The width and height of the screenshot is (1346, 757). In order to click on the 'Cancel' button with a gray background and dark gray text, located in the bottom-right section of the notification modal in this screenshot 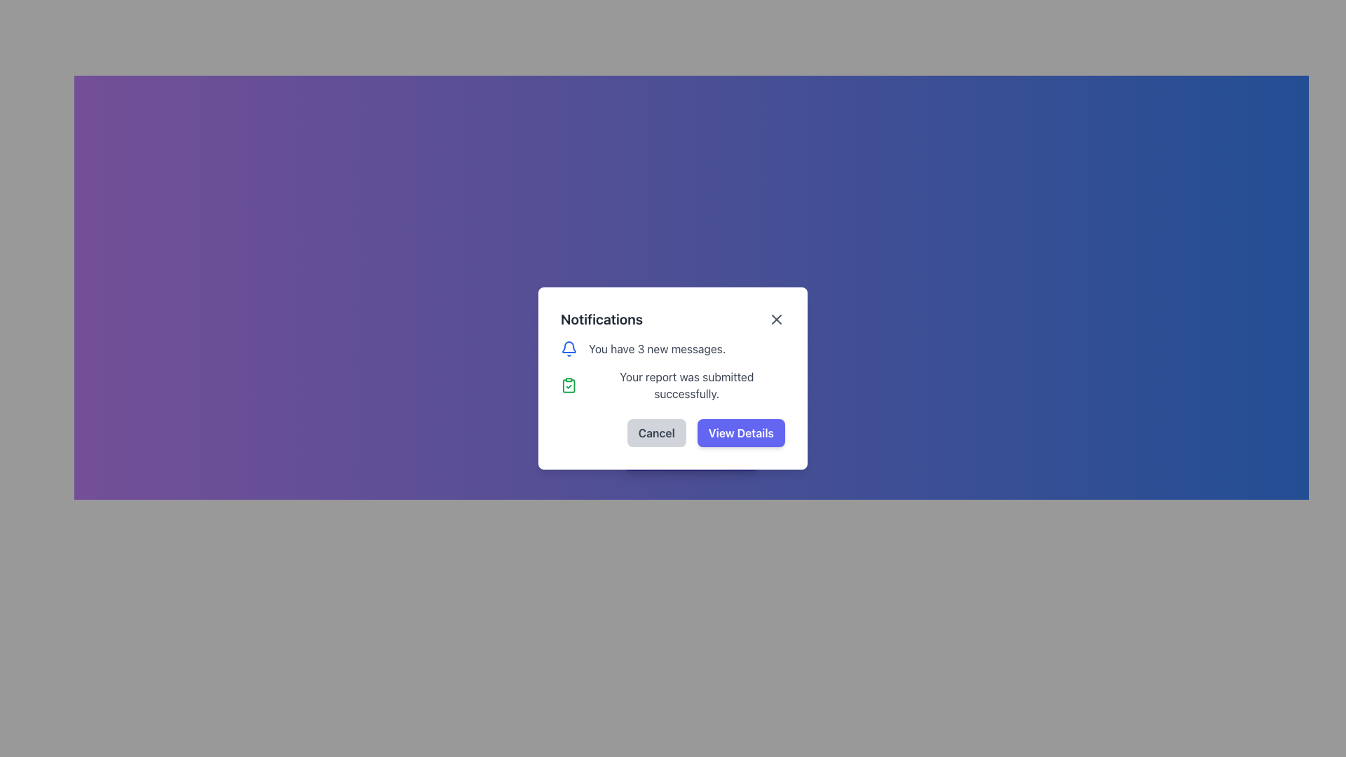, I will do `click(673, 432)`.